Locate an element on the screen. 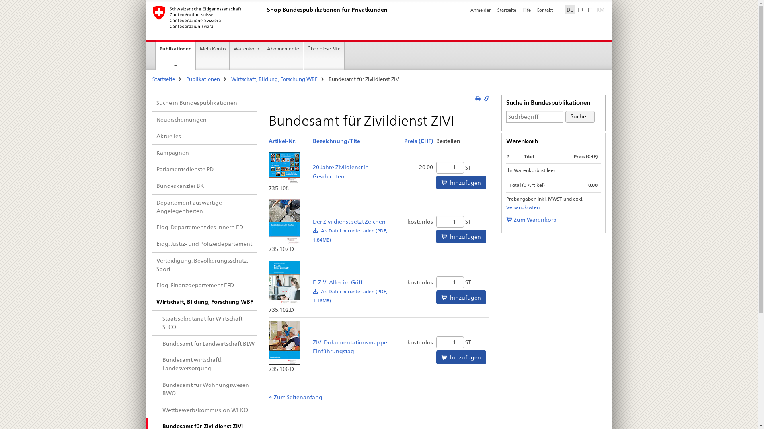 Image resolution: width=764 pixels, height=429 pixels. 'Zur Druckversion' is located at coordinates (475, 99).